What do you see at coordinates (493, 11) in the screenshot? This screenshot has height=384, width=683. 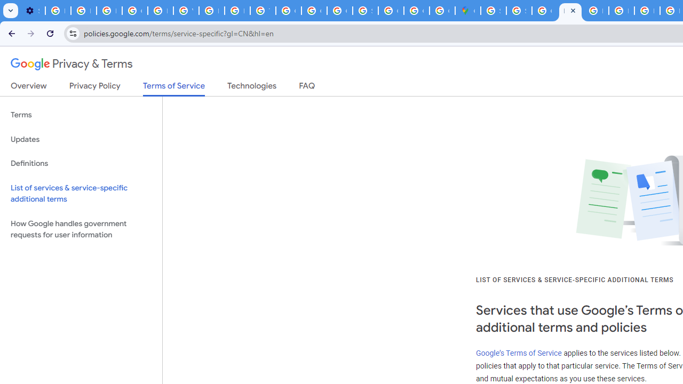 I see `'Sign in - Google Accounts'` at bounding box center [493, 11].